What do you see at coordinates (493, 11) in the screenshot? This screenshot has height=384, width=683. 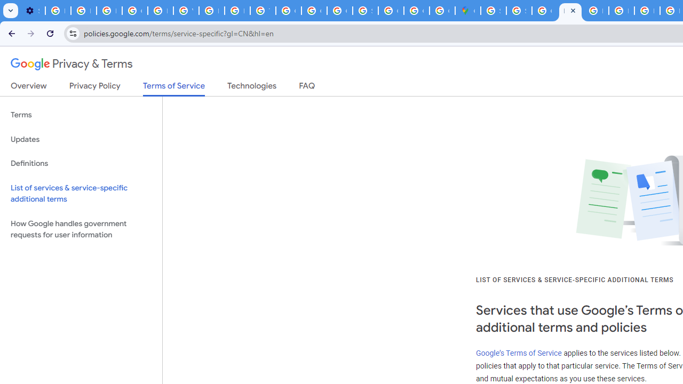 I see `'Sign in - Google Accounts'` at bounding box center [493, 11].